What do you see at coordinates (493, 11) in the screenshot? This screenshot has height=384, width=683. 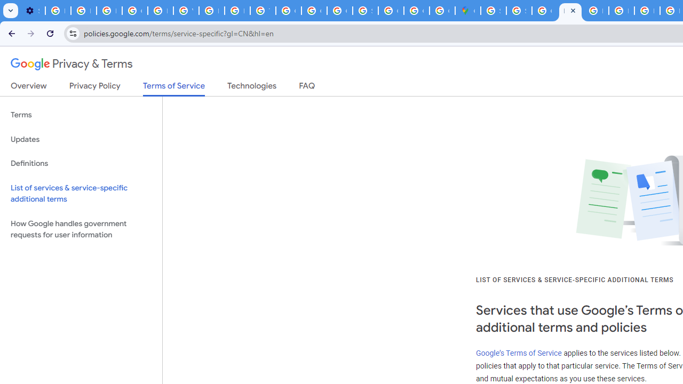 I see `'Sign in - Google Accounts'` at bounding box center [493, 11].